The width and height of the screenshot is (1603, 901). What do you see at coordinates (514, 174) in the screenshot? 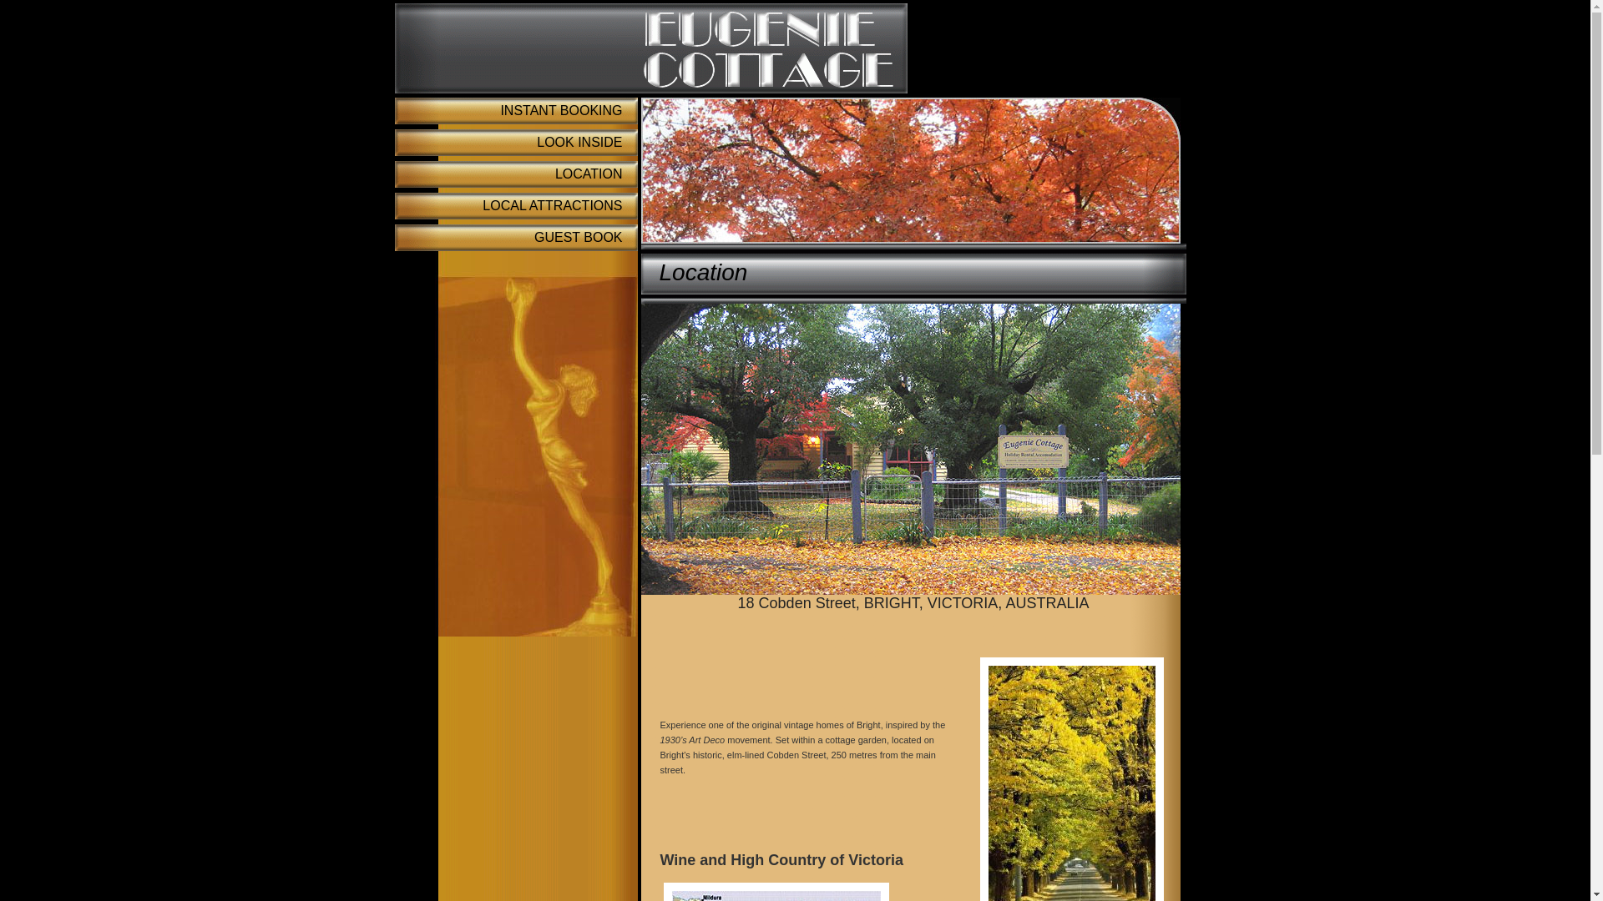
I see `'LOCATION'` at bounding box center [514, 174].